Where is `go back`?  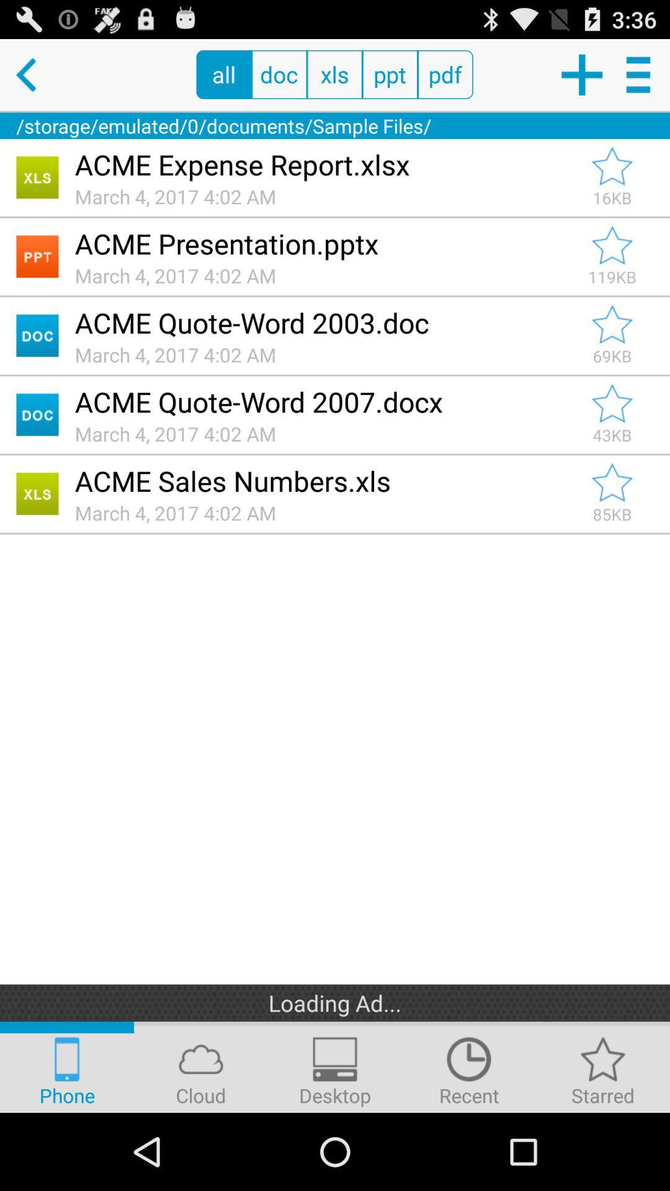
go back is located at coordinates (35, 74).